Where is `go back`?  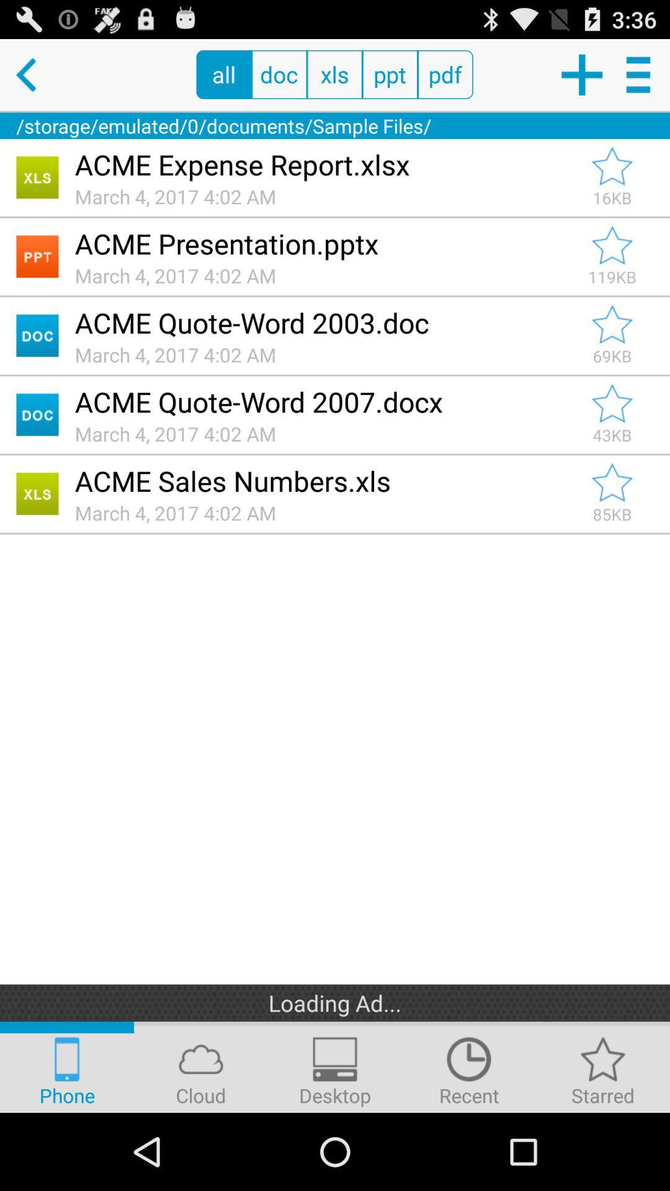
go back is located at coordinates (35, 74).